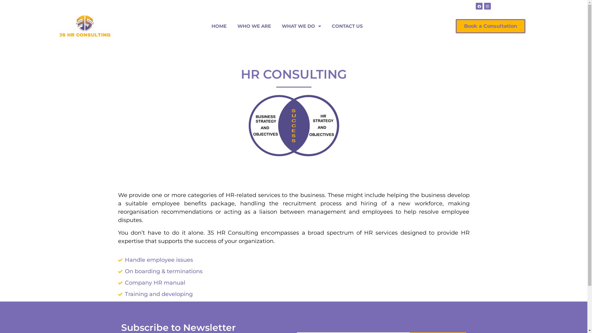  I want to click on 'WHO WE ARE', so click(254, 26).